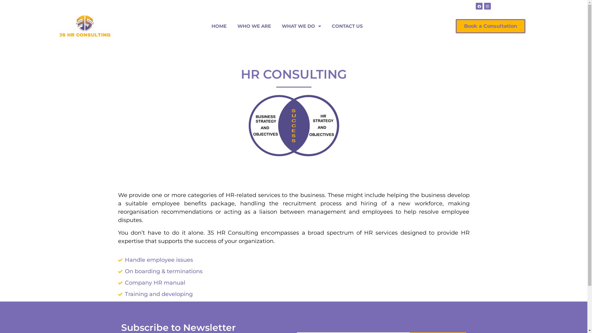  I want to click on 'WHO WE ARE', so click(254, 26).